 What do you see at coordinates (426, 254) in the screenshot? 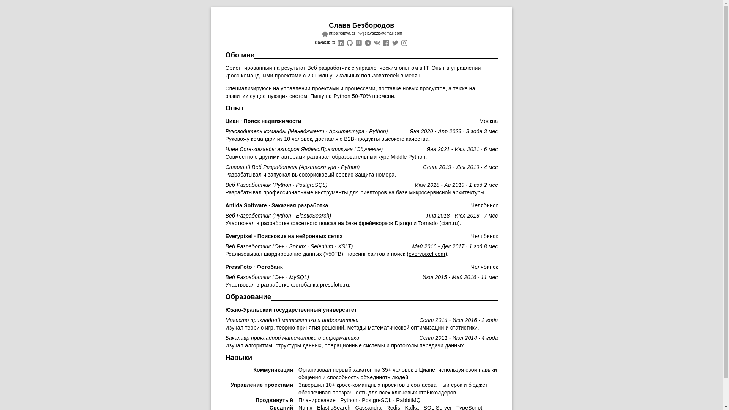
I see `'everypixel.com'` at bounding box center [426, 254].